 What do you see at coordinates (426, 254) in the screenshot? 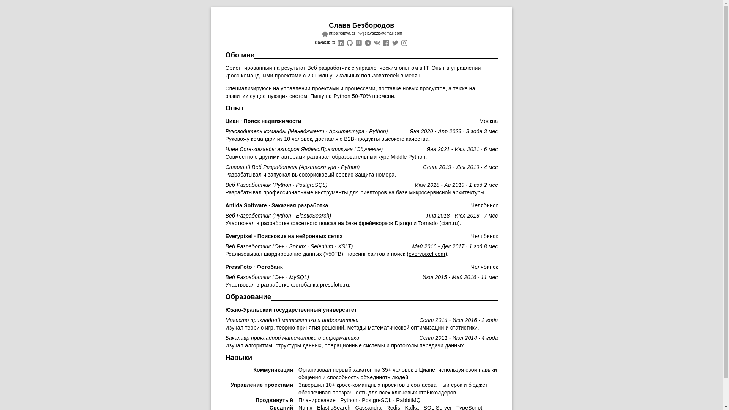
I see `'everypixel.com'` at bounding box center [426, 254].